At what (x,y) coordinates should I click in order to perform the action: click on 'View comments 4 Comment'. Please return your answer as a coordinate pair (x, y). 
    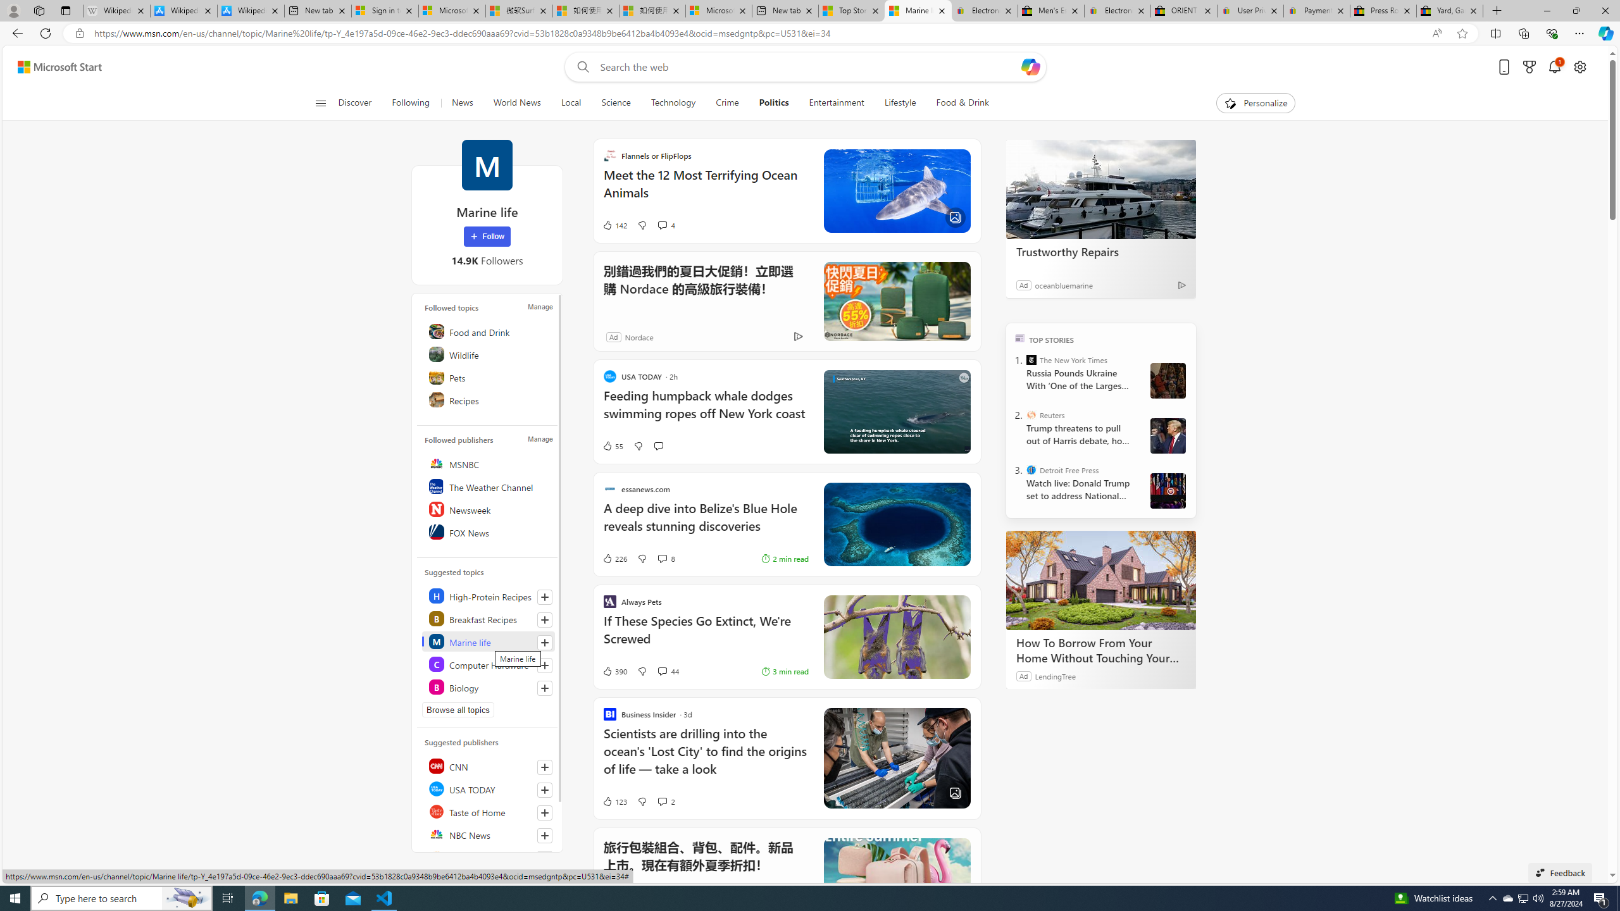
    Looking at the image, I should click on (661, 225).